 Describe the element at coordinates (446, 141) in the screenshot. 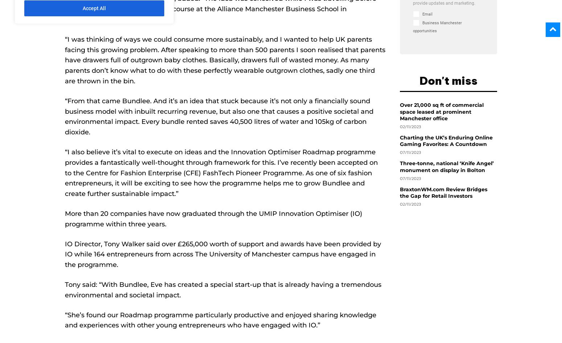

I see `'Charting the UK’s Enduring Online Gaming Favorites: A Countdown'` at that location.